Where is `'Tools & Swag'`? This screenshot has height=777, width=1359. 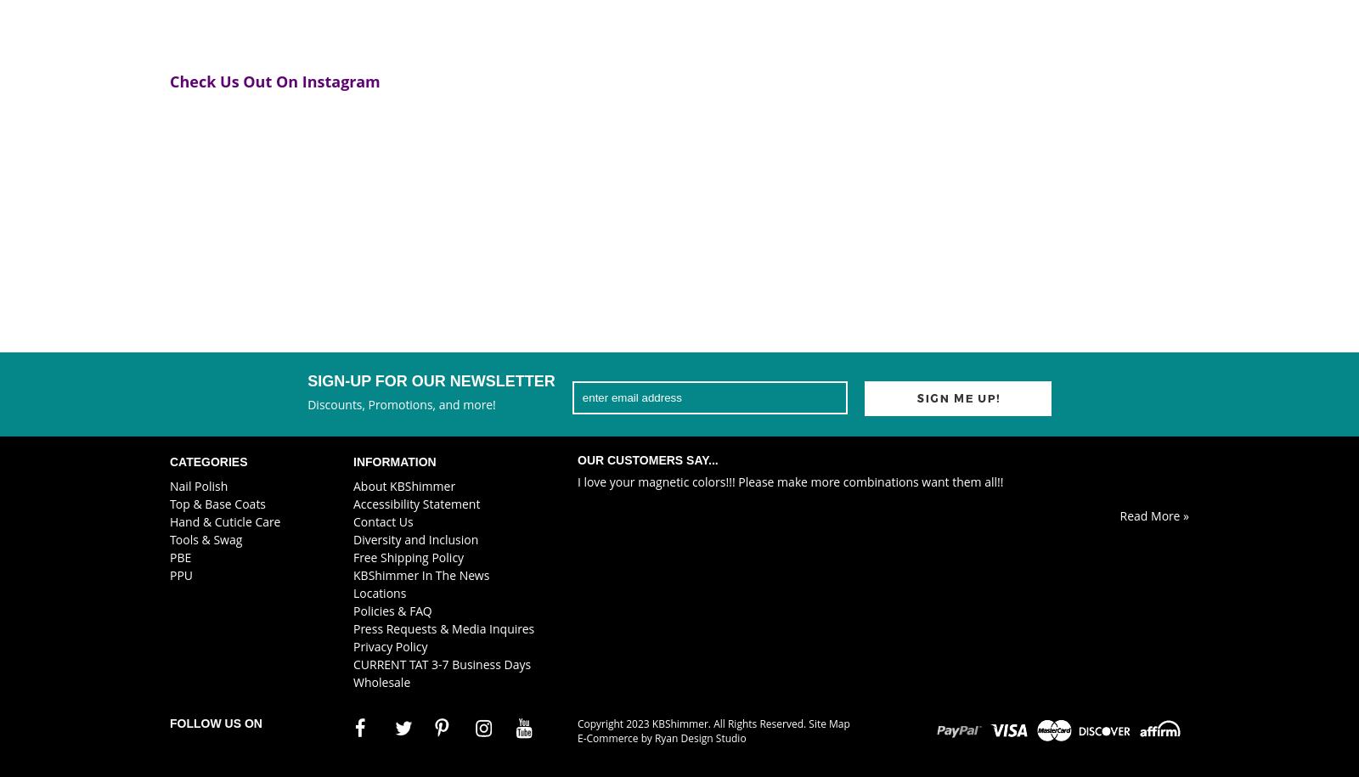 'Tools & Swag' is located at coordinates (206, 538).